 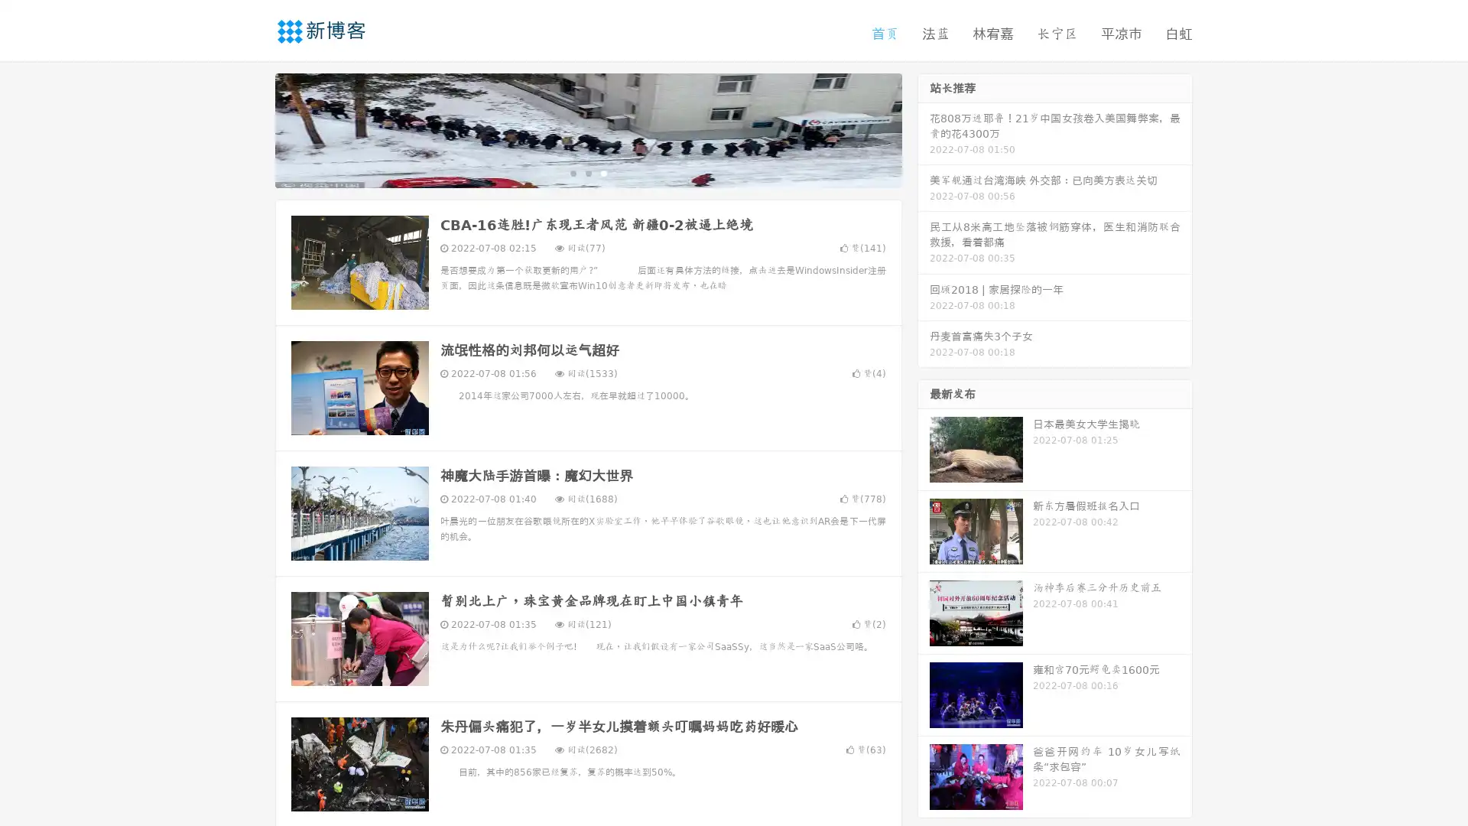 What do you see at coordinates (603, 172) in the screenshot?
I see `Go to slide 3` at bounding box center [603, 172].